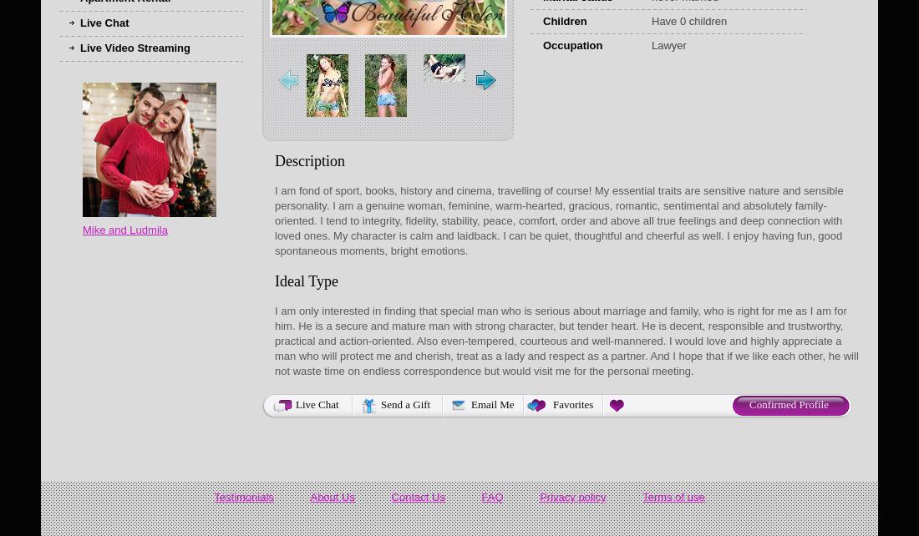  I want to click on 'I am only interested in finding that special man who is serious about marriage and family, who is right for me as I am for him. He is a secure and mature man with strong character, but tender heart.
He is decent, responsible and trustworthy, practical and action-oriented. 
Also even-tempered, courteous and well-mannered.  I would love and highly appreciate a man who will protect me and cherish, treat as a lady and respect as a partner. And I hope that if we like each other, he will not waste time on endless correspondence but would visit me for the personal meeting.', so click(274, 341).